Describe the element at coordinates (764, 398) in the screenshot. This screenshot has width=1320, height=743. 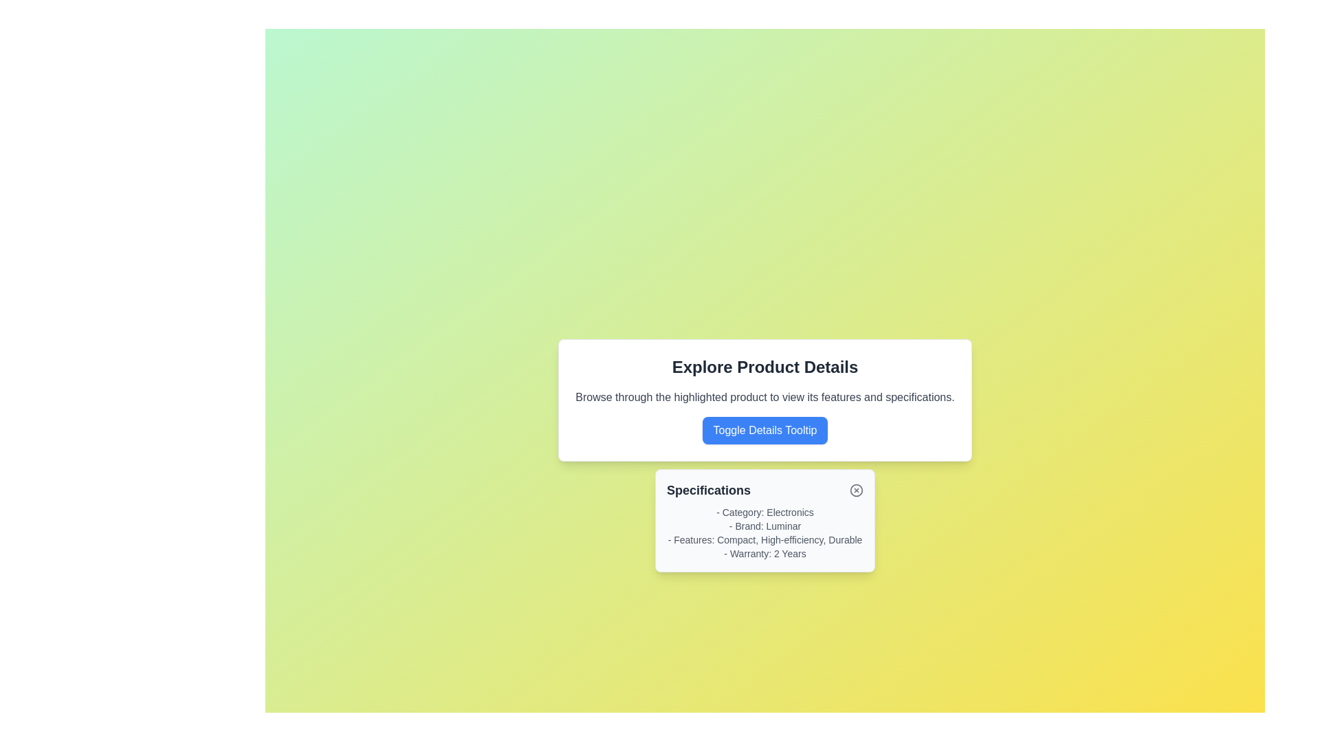
I see `the Informational Text displaying 'Browse through the highlighted product` at that location.